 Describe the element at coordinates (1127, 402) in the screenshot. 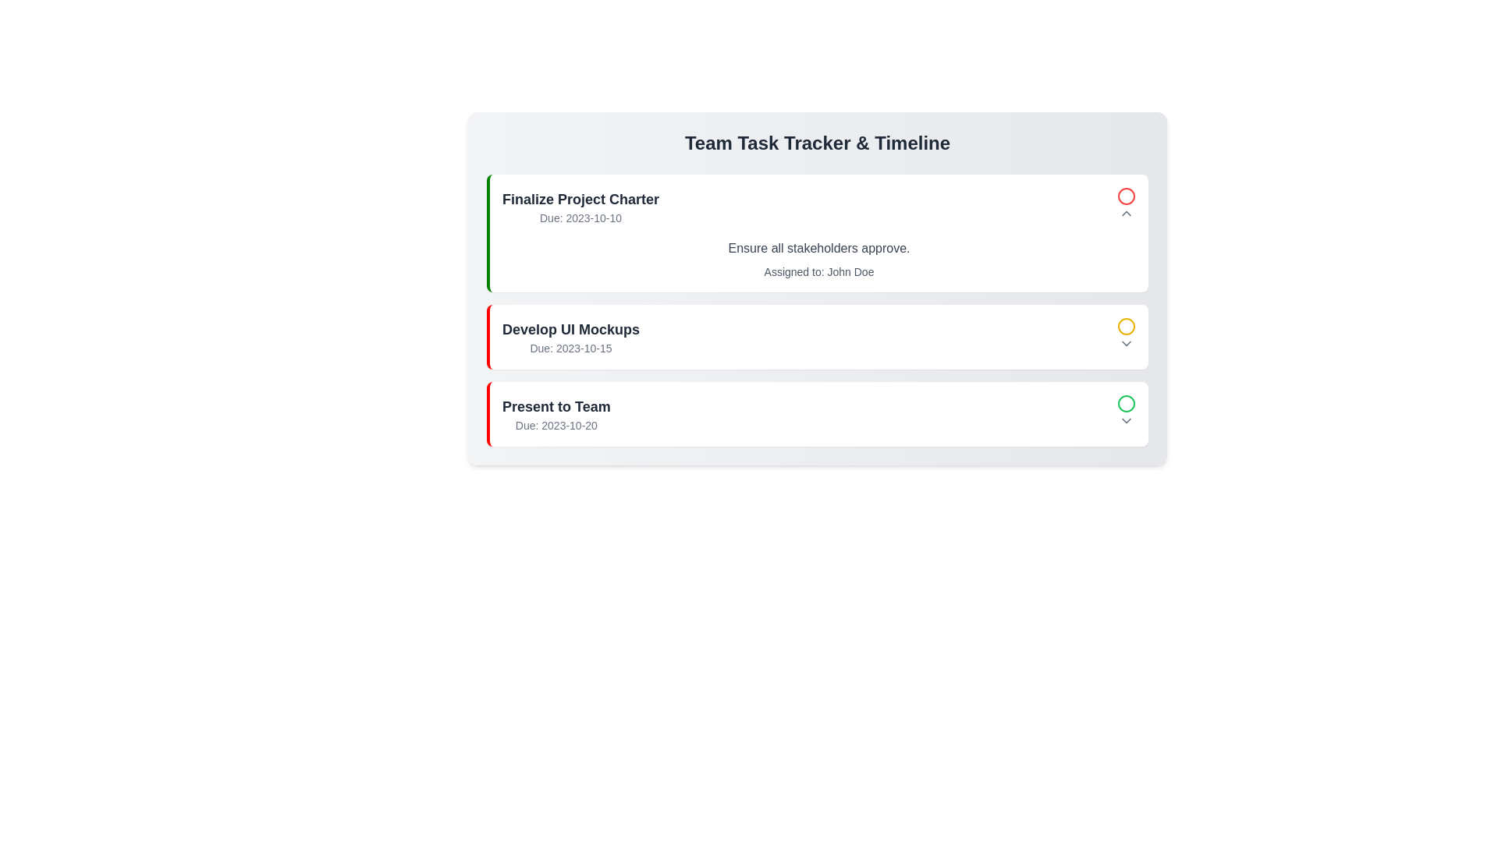

I see `the green circular icon with a thin border located at the top-right area of its enclosing task card by moving the cursor to its center point` at that location.